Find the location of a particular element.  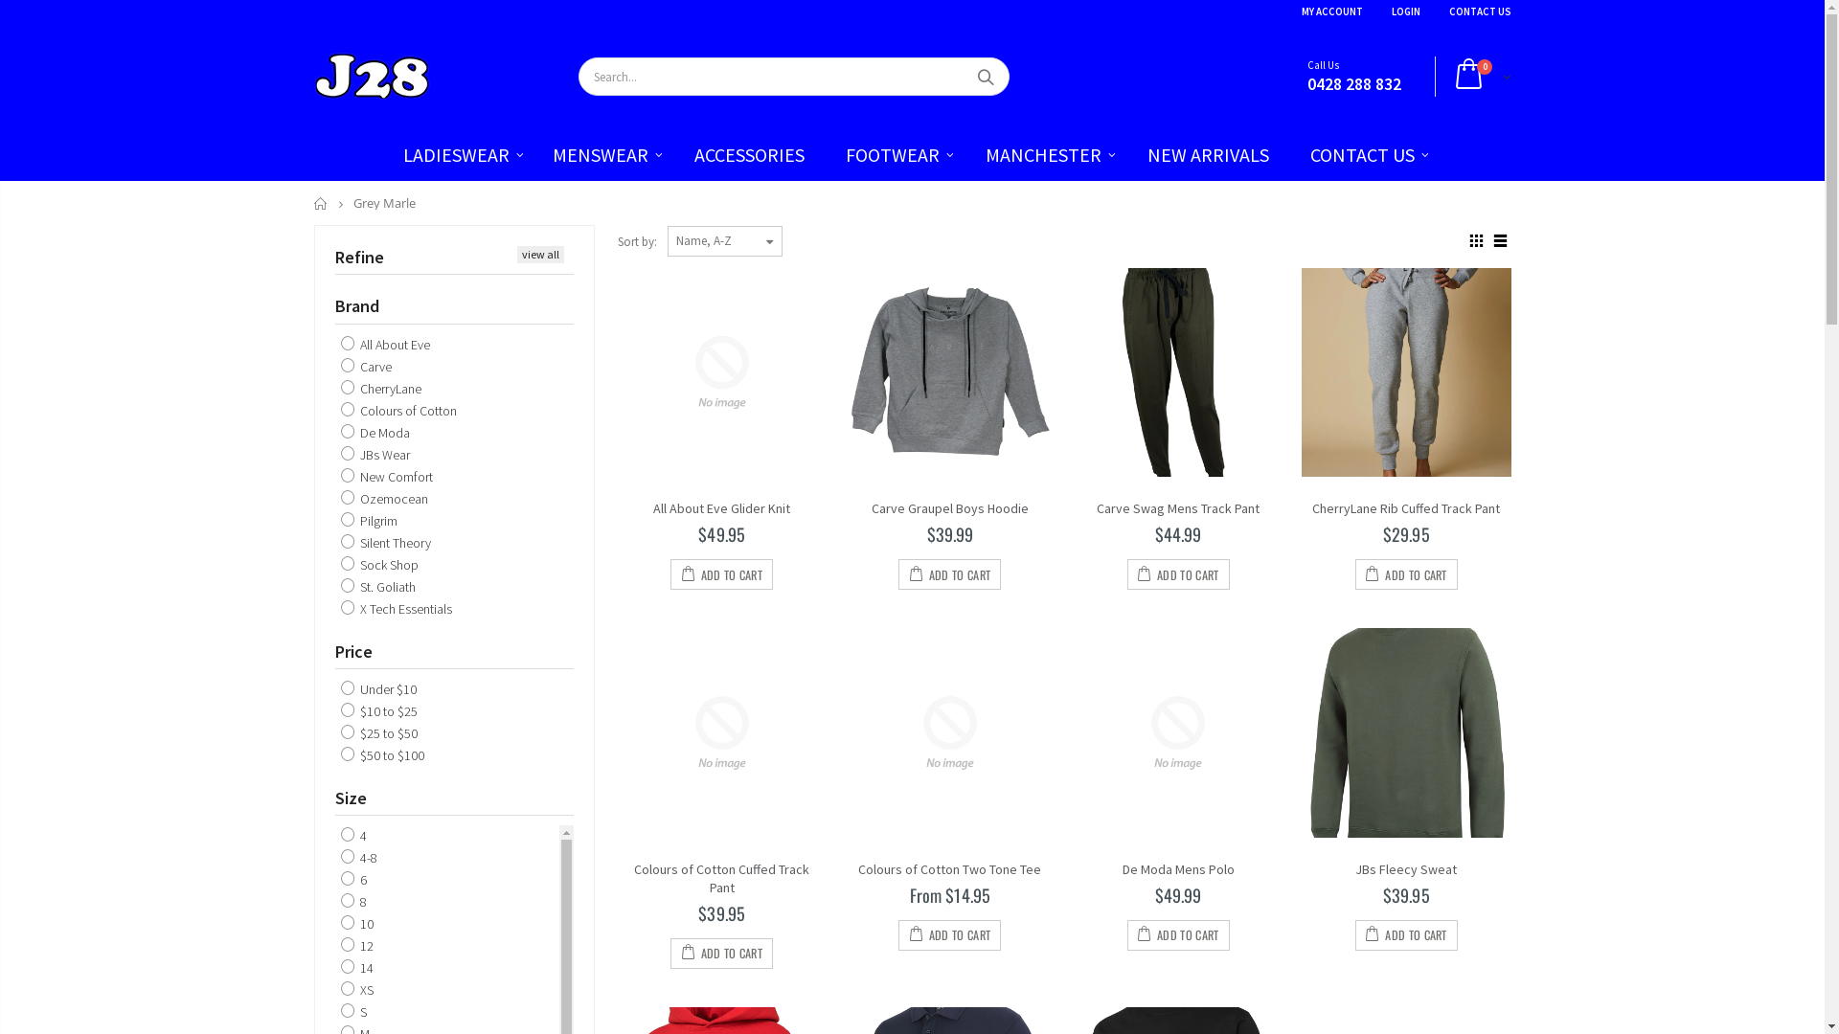

'De Moda' is located at coordinates (375, 432).